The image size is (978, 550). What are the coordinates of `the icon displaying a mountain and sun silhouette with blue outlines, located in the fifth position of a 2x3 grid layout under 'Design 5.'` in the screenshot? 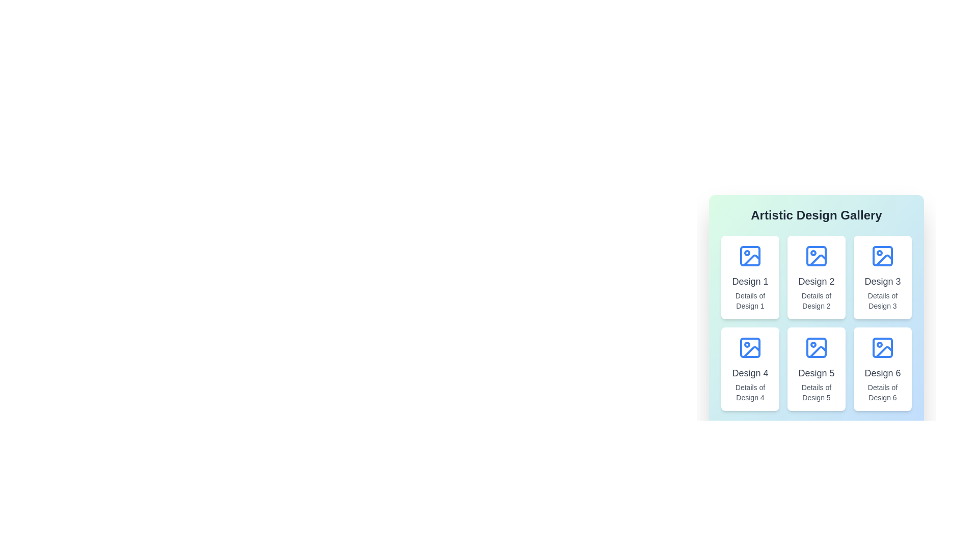 It's located at (818, 351).